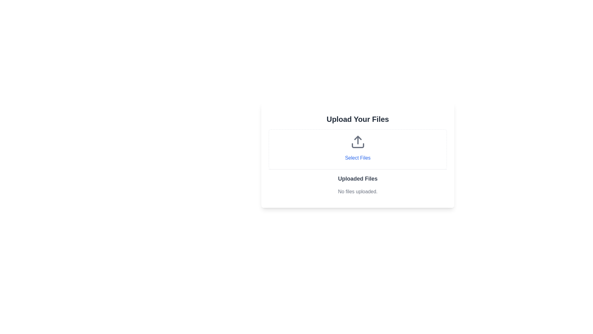  Describe the element at coordinates (358, 138) in the screenshot. I see `the graphical arrow icon that forms the upper side of the upload symbol in the SVG component, located near the center of the 'Upload Your Files' dialog box` at that location.